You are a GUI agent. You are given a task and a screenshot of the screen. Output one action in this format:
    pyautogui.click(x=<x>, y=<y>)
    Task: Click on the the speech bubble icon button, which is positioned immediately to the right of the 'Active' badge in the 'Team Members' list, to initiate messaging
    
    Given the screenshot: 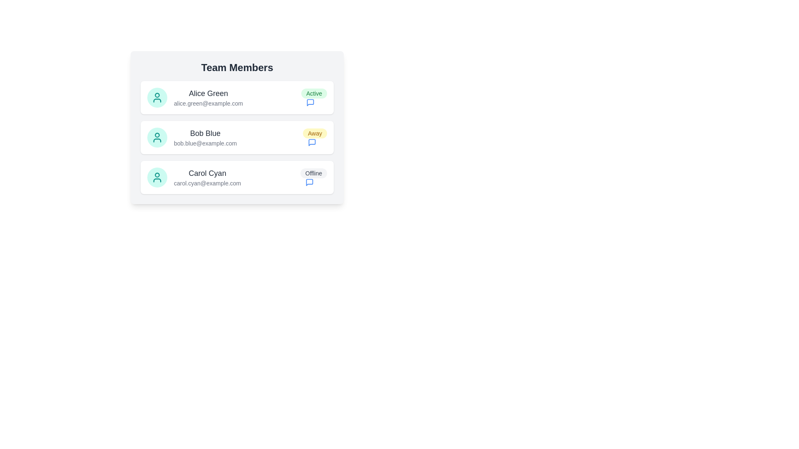 What is the action you would take?
    pyautogui.click(x=310, y=102)
    